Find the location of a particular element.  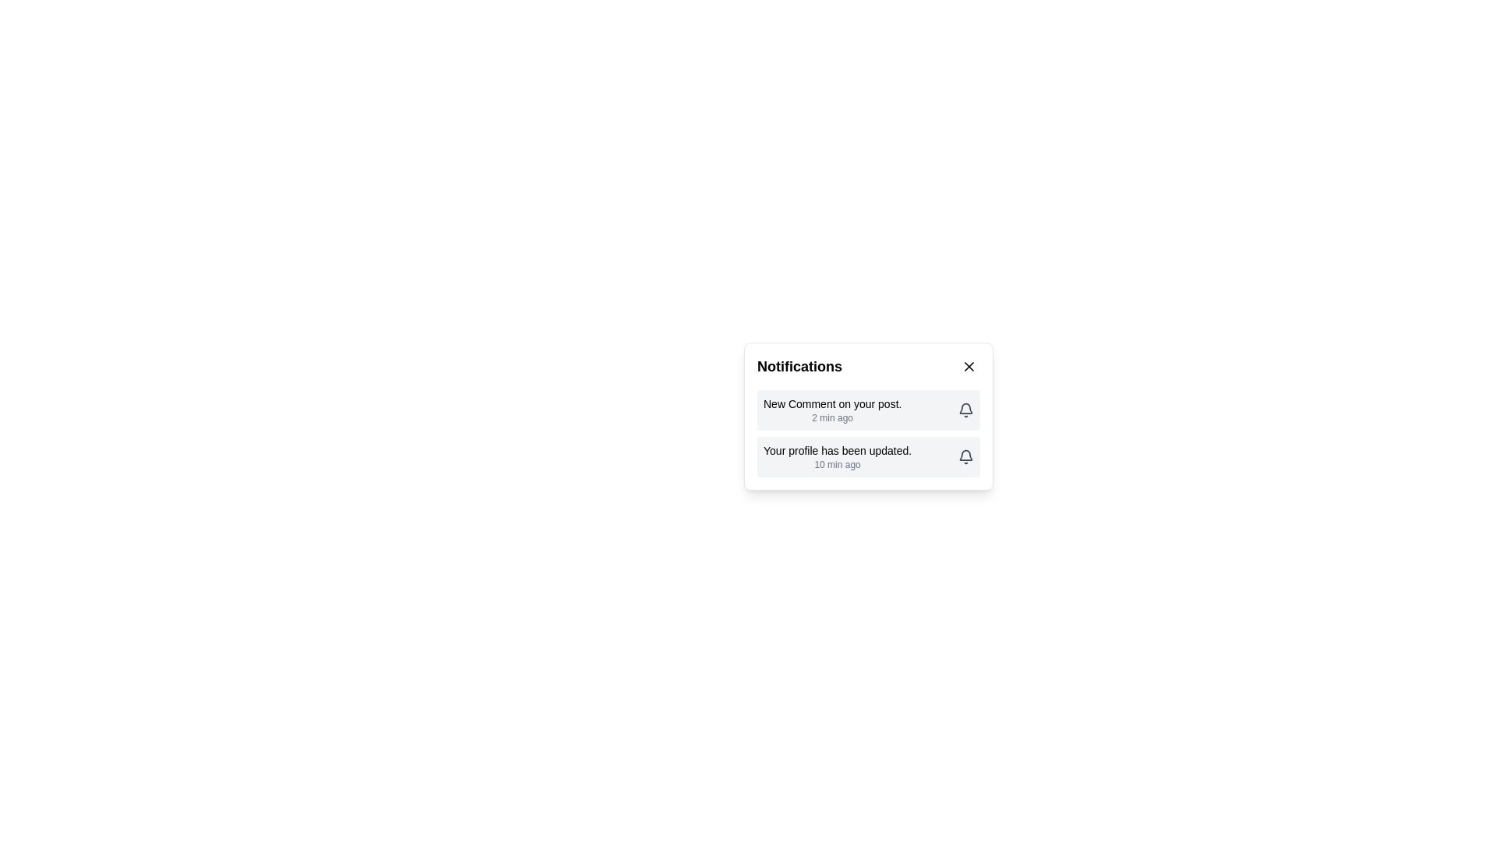

timestamp label displaying '10 min ago' located beneath the 'Your profile has been updated.' notification is located at coordinates (837, 464).